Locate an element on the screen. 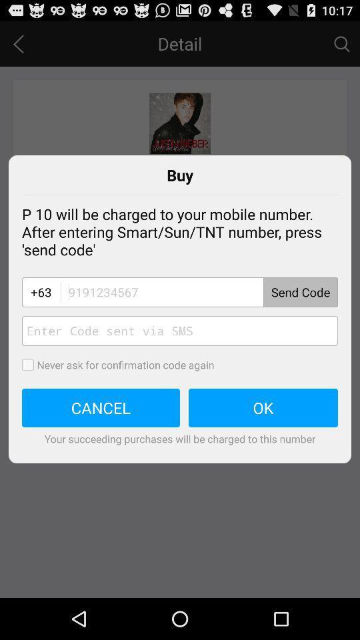  code is located at coordinates (198, 292).